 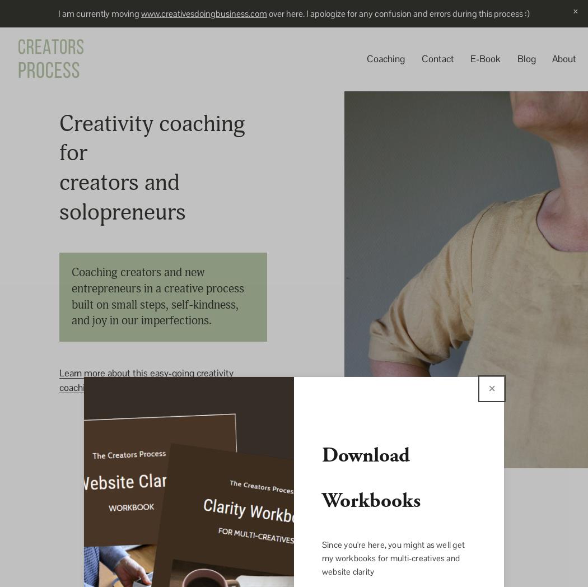 What do you see at coordinates (154, 138) in the screenshot?
I see `'Creativity coaching for'` at bounding box center [154, 138].